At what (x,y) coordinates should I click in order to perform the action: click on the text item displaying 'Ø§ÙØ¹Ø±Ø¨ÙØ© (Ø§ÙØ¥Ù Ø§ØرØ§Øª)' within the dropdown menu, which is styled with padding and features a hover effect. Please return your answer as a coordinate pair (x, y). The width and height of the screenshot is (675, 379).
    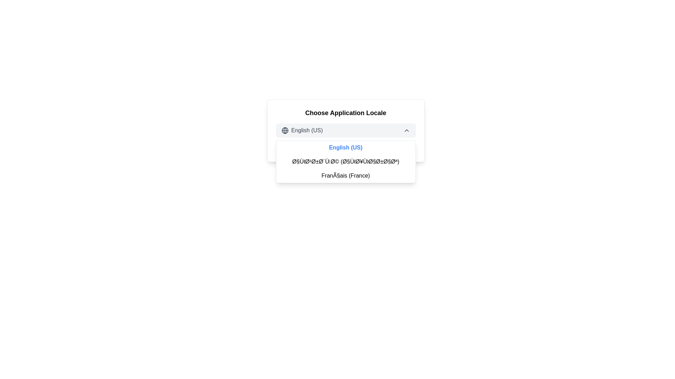
    Looking at the image, I should click on (346, 162).